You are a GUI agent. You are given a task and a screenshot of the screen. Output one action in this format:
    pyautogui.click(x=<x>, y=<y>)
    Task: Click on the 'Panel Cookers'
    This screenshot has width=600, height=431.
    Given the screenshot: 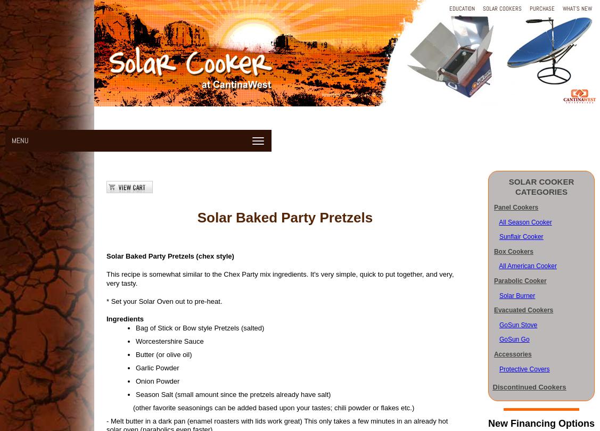 What is the action you would take?
    pyautogui.click(x=493, y=207)
    